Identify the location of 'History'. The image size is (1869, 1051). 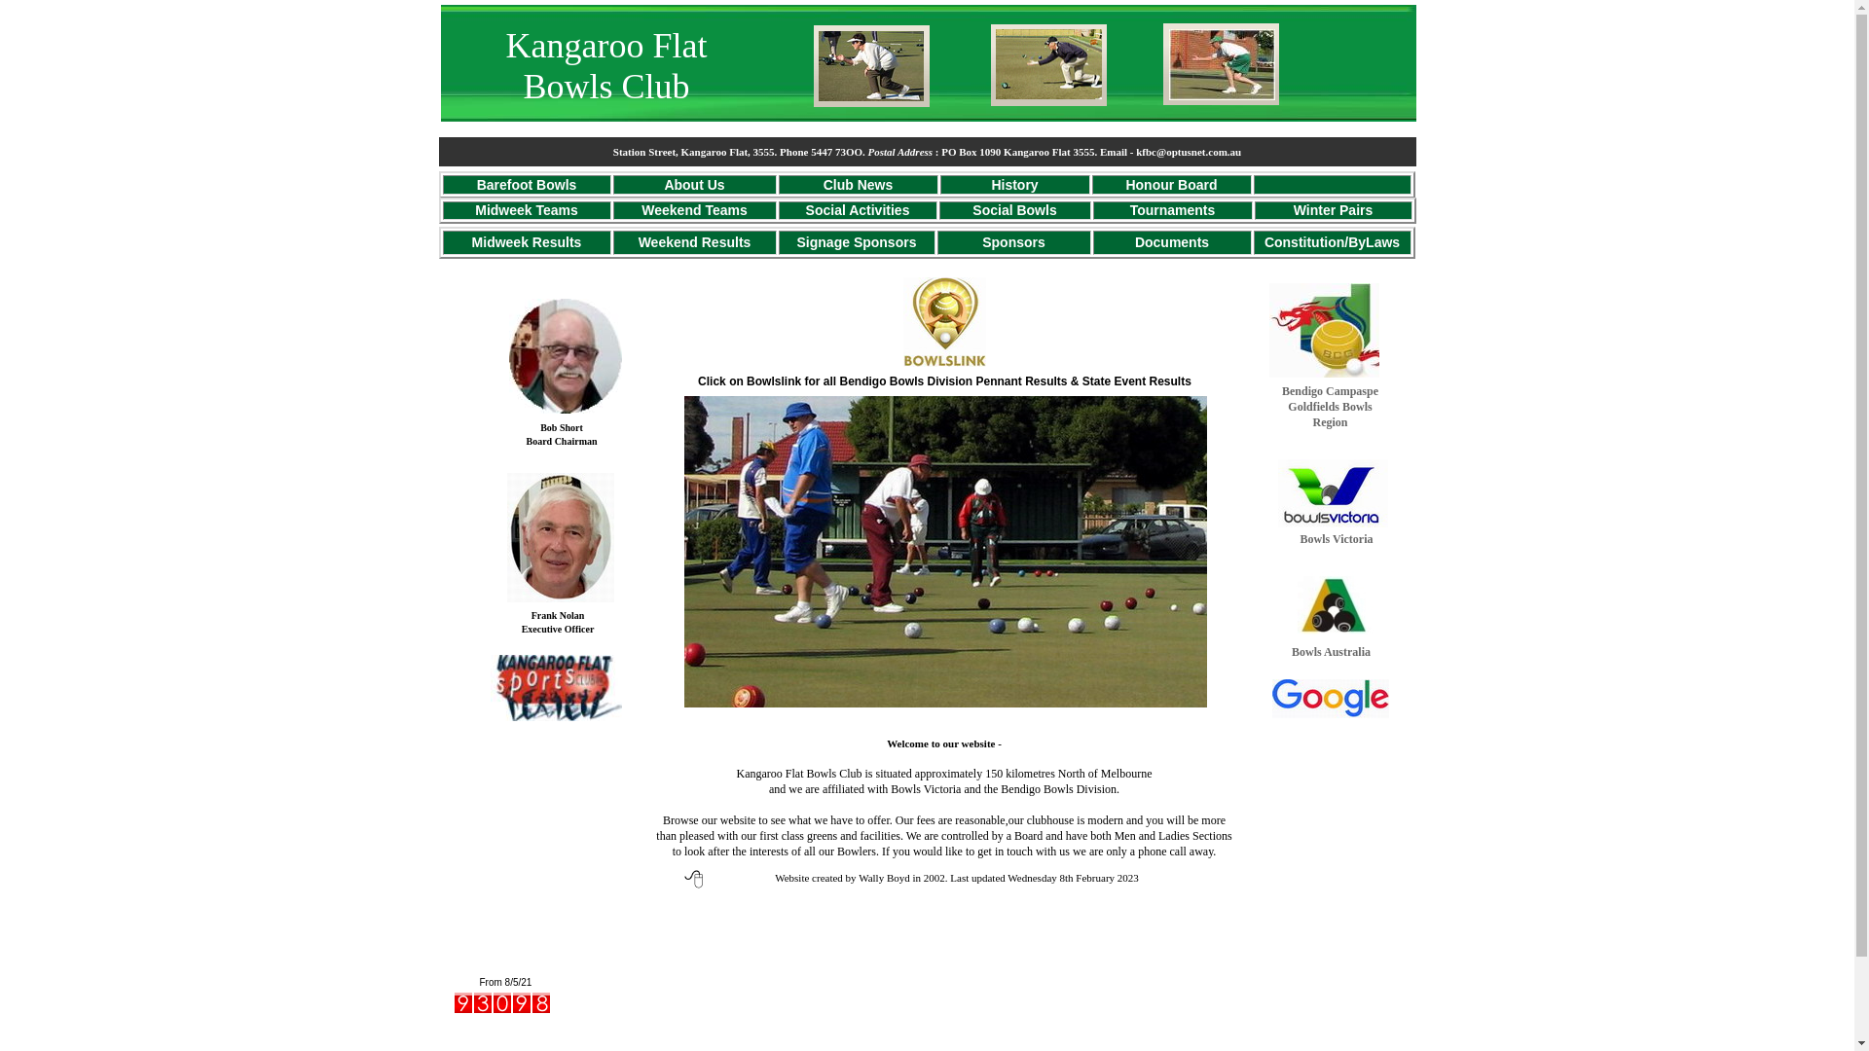
(1012, 183).